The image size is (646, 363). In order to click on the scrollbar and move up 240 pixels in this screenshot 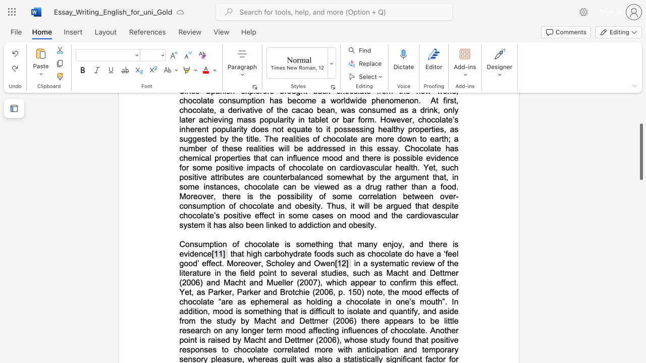, I will do `click(640, 152)`.